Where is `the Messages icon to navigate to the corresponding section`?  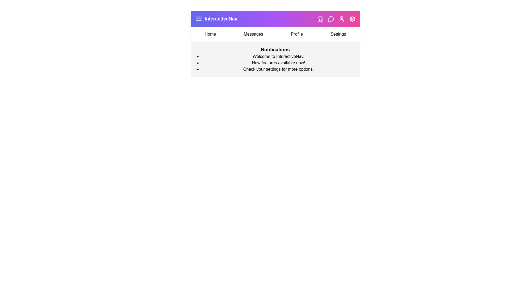
the Messages icon to navigate to the corresponding section is located at coordinates (331, 18).